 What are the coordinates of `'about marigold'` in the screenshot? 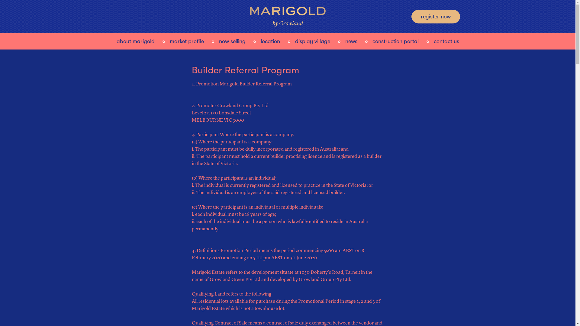 It's located at (135, 40).